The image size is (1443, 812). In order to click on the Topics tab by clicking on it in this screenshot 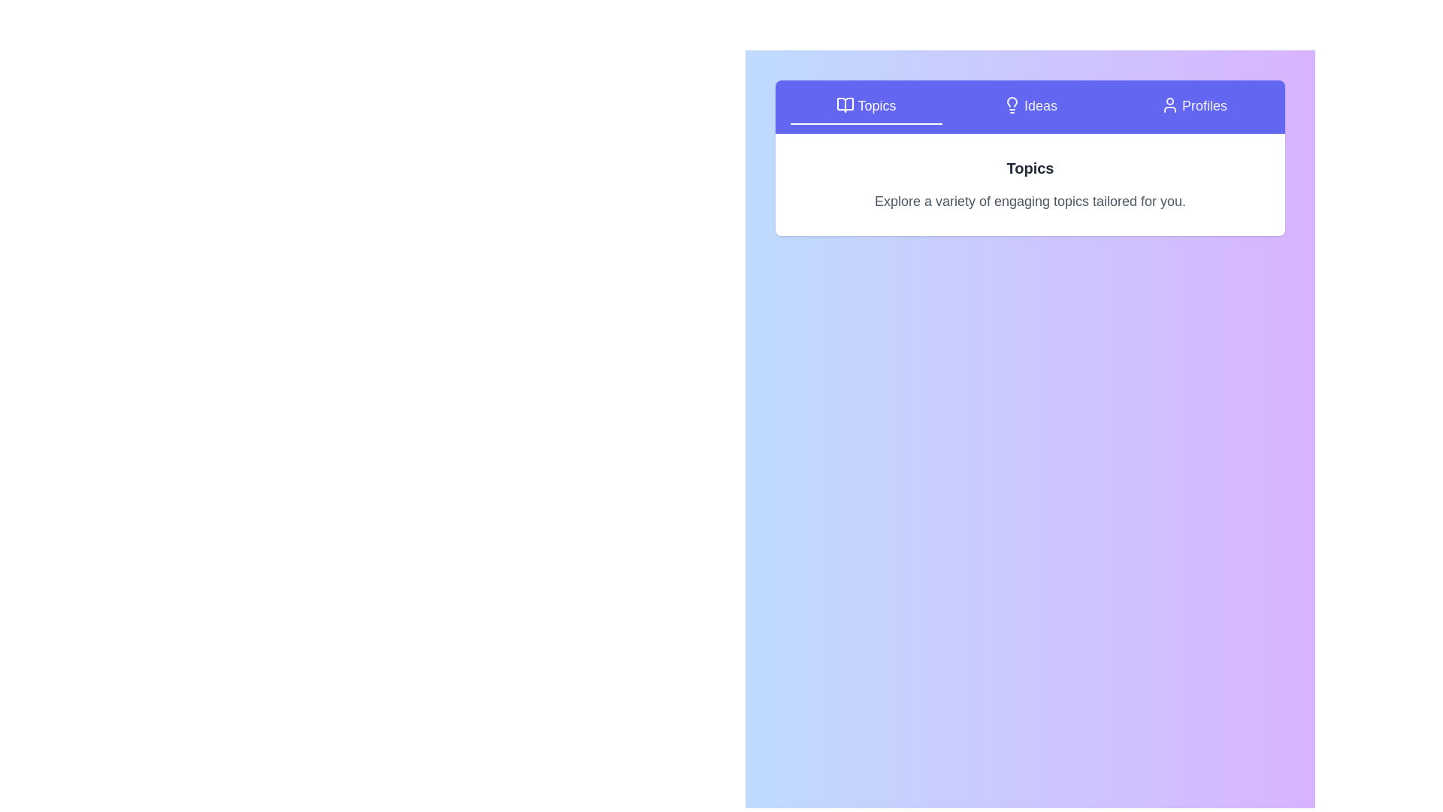, I will do `click(866, 106)`.